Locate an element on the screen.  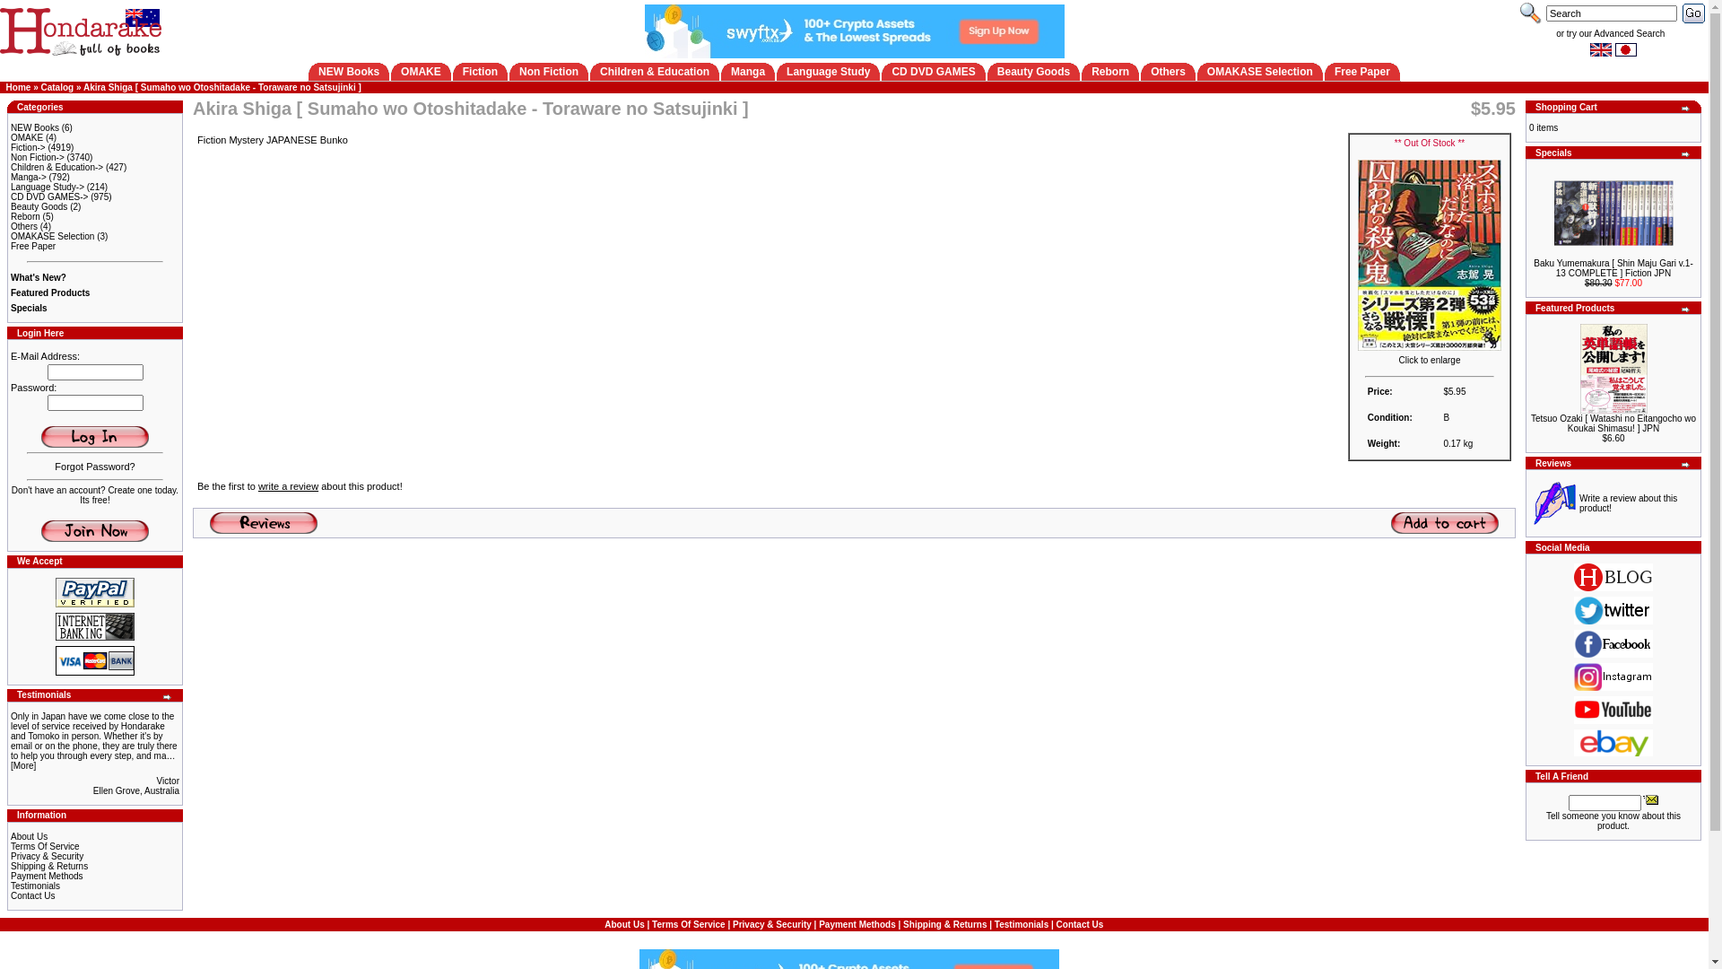
'Reborn' is located at coordinates (1109, 71).